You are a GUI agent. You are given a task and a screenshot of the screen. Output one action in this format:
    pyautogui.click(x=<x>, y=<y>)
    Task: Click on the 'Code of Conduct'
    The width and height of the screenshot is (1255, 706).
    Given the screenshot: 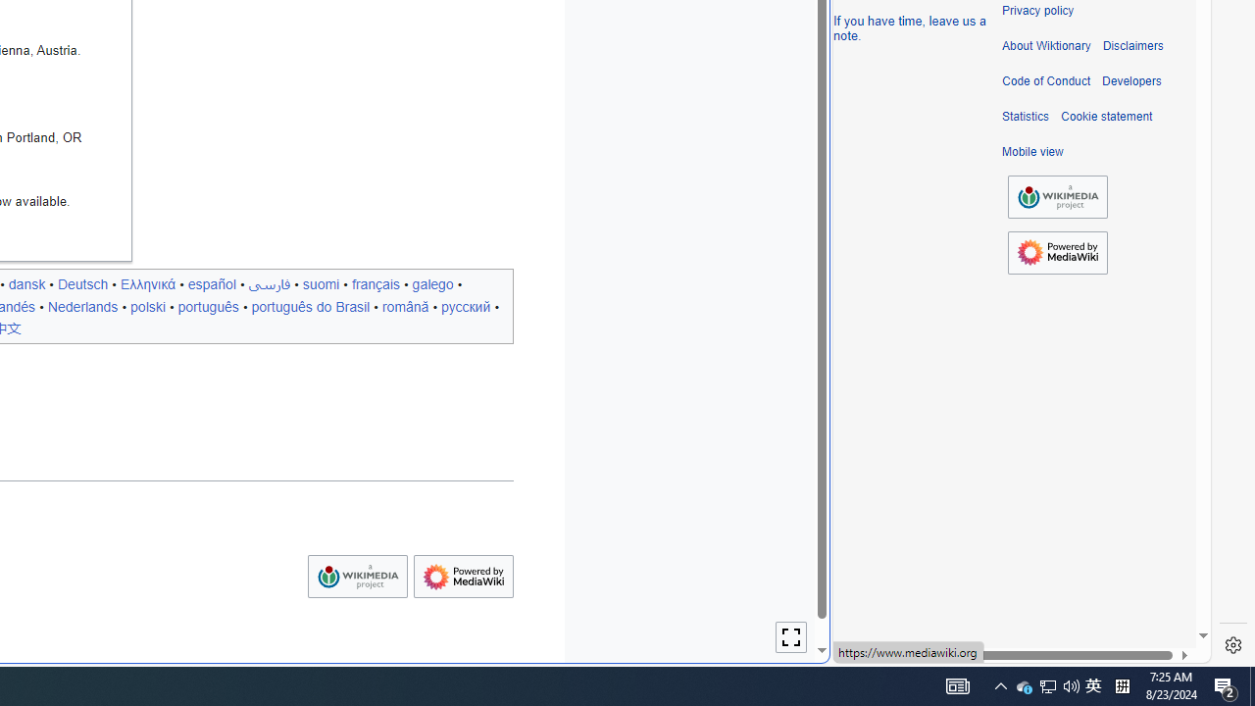 What is the action you would take?
    pyautogui.click(x=1045, y=80)
    